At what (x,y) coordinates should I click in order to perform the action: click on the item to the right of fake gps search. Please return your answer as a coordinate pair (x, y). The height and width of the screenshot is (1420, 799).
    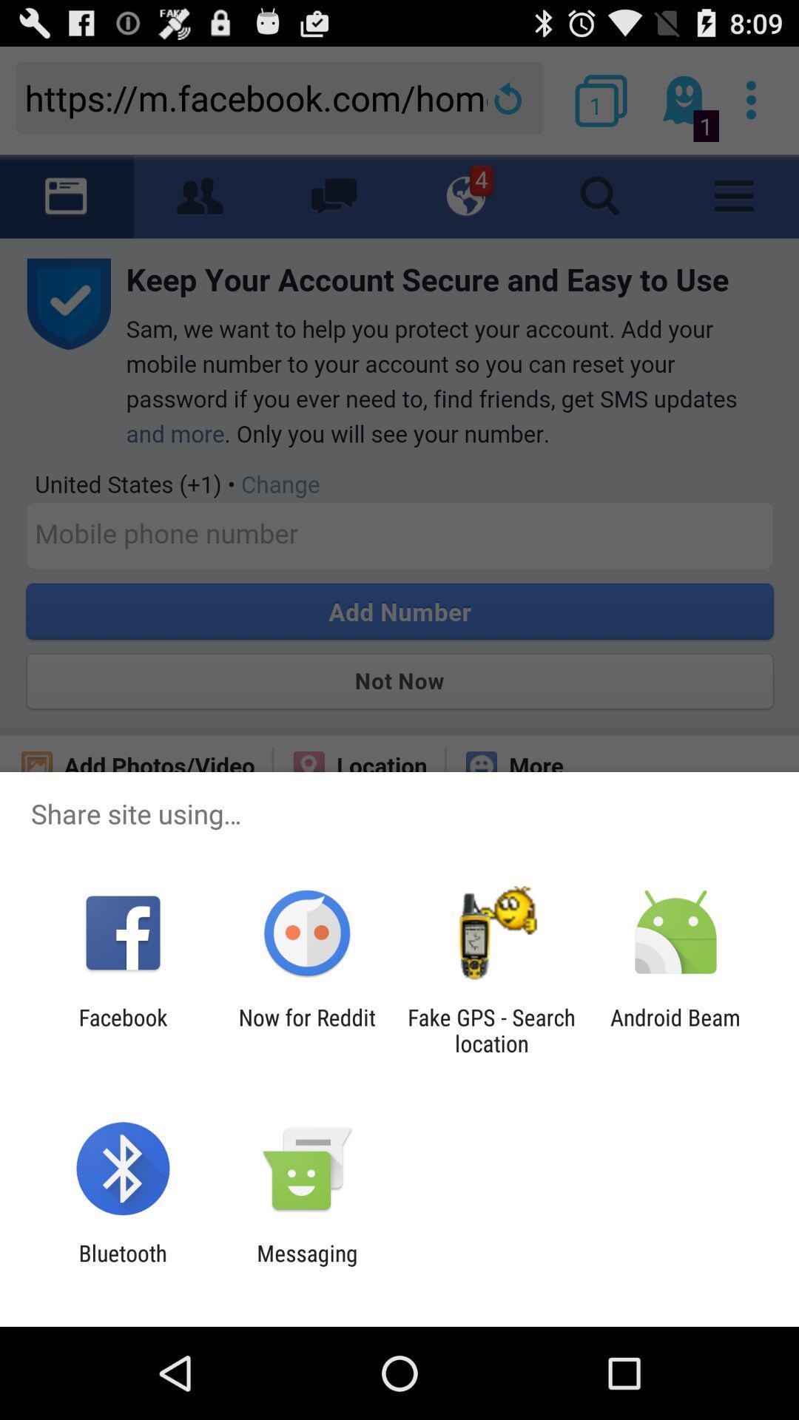
    Looking at the image, I should click on (675, 1029).